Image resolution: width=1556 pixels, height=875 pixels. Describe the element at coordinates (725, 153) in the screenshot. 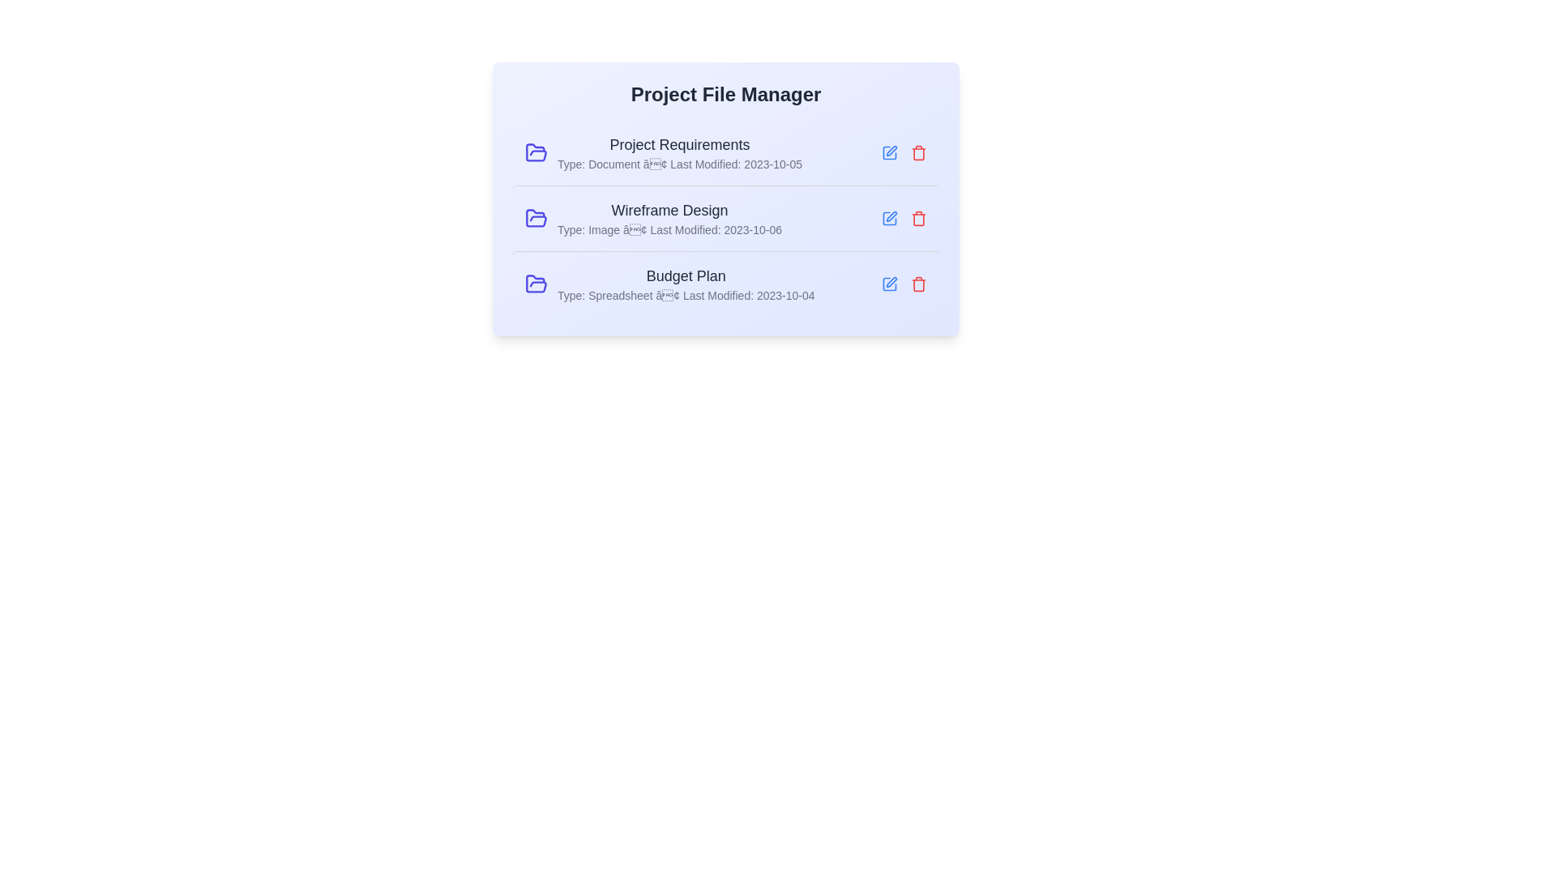

I see `the file named Project Requirements to view its details` at that location.